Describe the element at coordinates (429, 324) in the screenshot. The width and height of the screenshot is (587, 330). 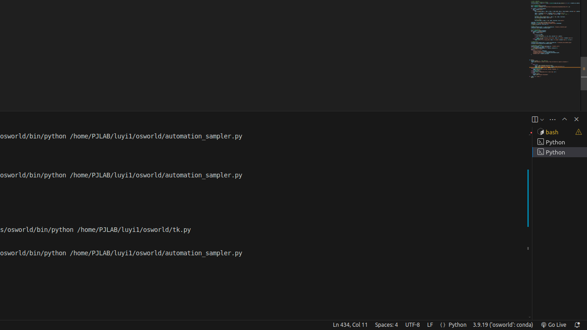
I see `'LF'` at that location.